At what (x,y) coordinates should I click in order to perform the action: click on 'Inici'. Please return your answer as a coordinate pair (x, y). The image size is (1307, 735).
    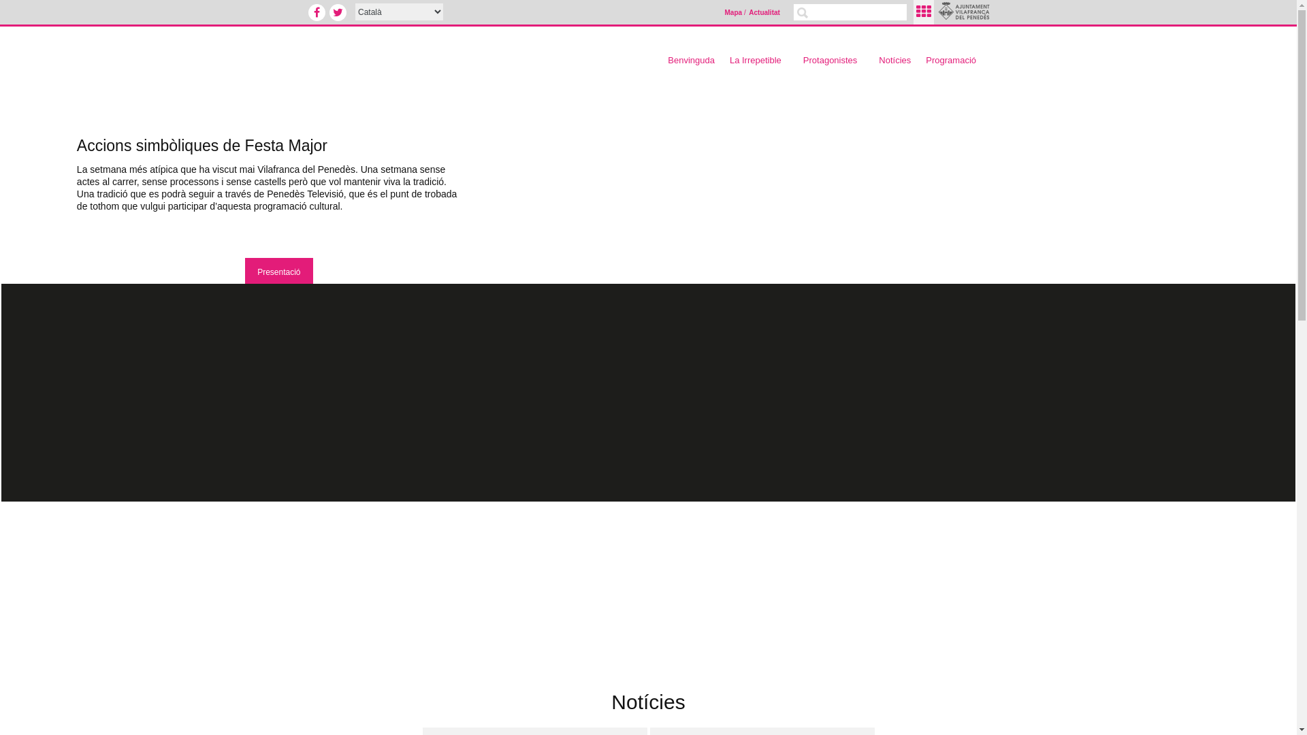
    Looking at the image, I should click on (442, 54).